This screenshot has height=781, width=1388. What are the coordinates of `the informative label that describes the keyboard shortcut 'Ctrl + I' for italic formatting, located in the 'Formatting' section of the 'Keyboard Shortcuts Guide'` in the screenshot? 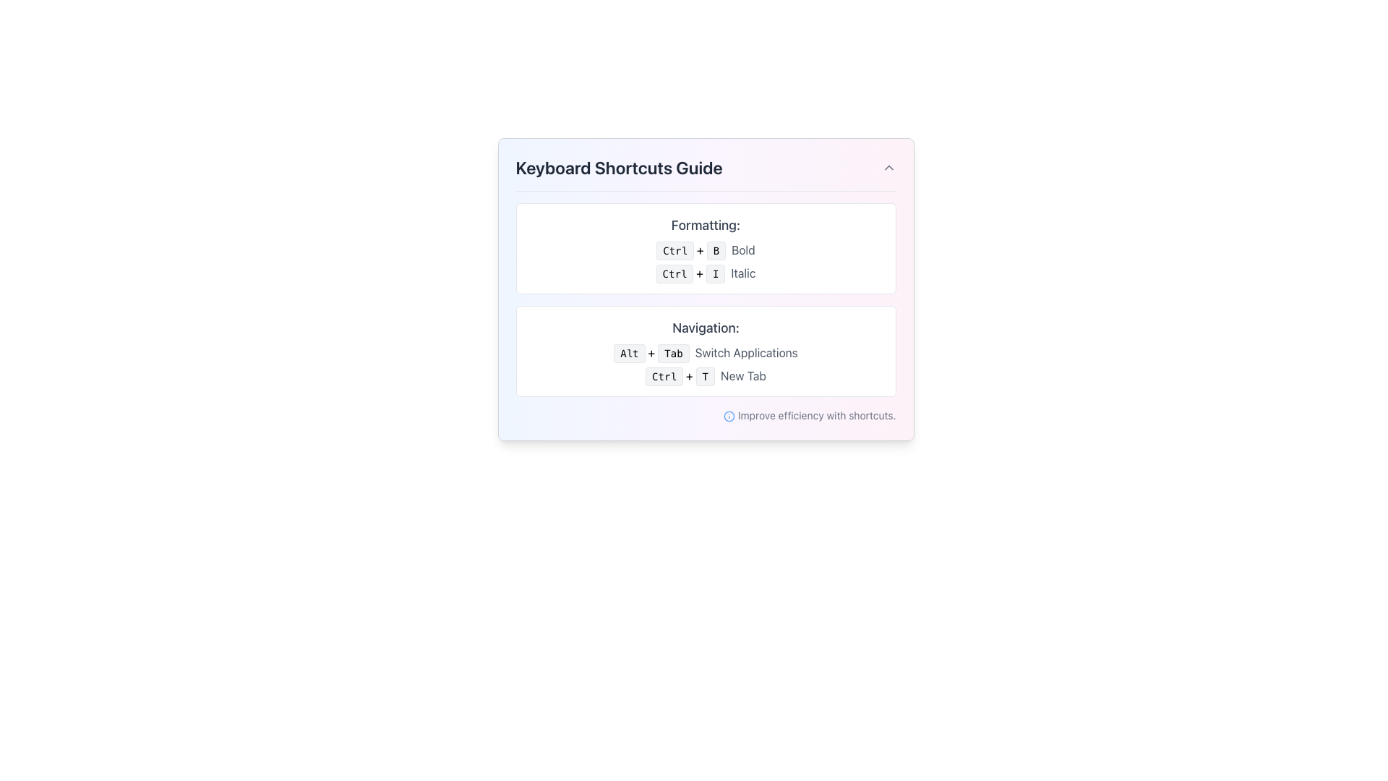 It's located at (706, 273).